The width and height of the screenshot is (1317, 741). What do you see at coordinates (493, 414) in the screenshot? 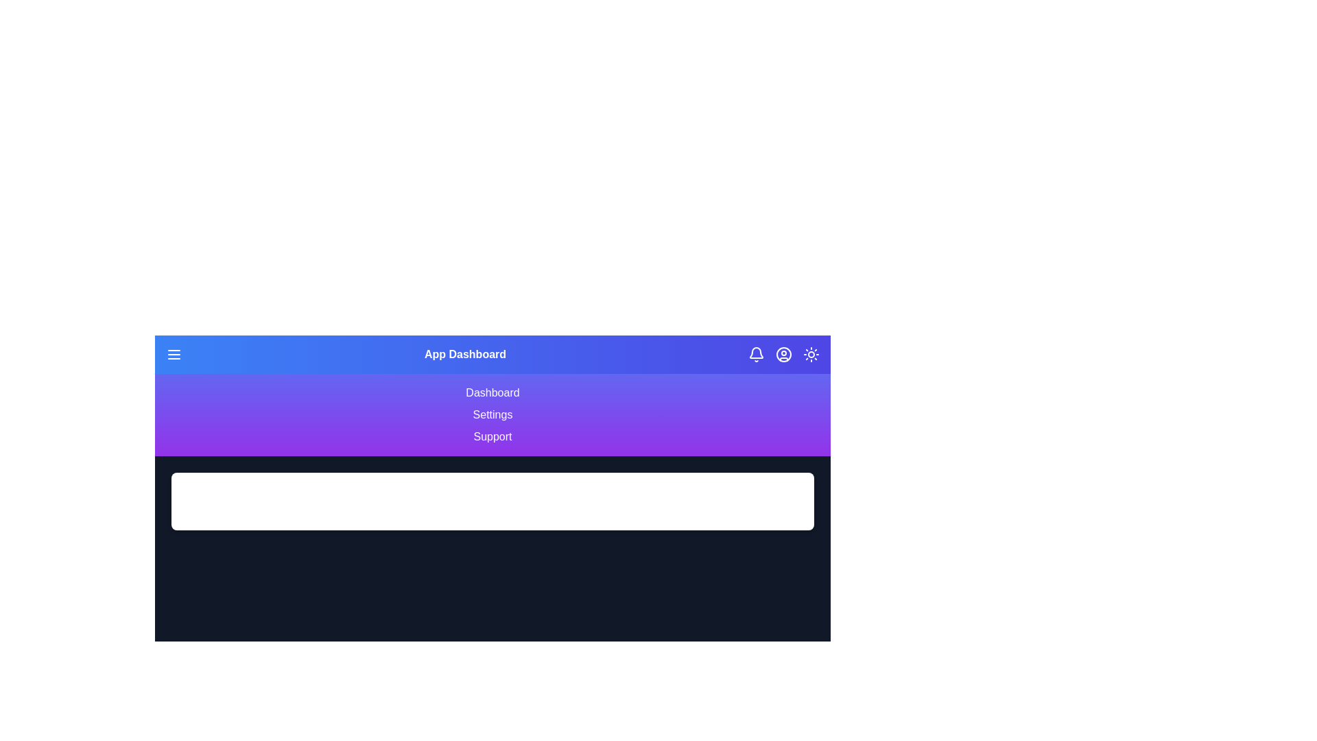
I see `the menu option Settings to explore its content` at bounding box center [493, 414].